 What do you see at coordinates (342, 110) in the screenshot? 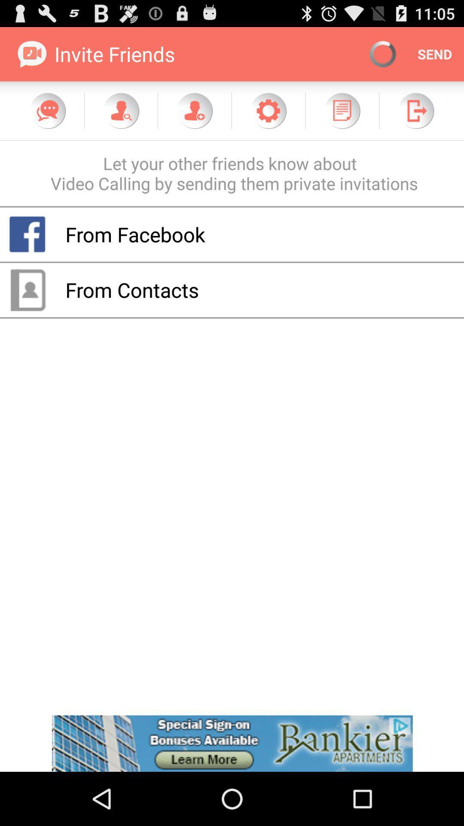
I see `save` at bounding box center [342, 110].